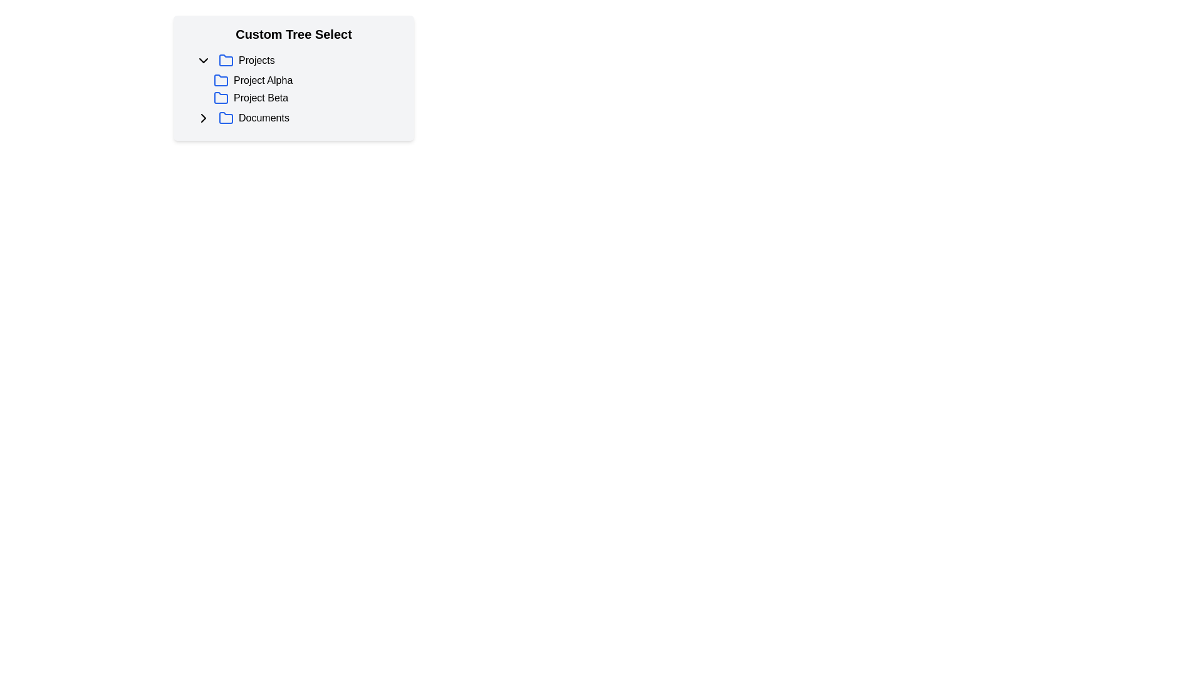 Image resolution: width=1203 pixels, height=676 pixels. Describe the element at coordinates (293, 36) in the screenshot. I see `the 'Custom Tree Select' text label, which is styled with bold and large font size and is positioned at the top of its section` at that location.